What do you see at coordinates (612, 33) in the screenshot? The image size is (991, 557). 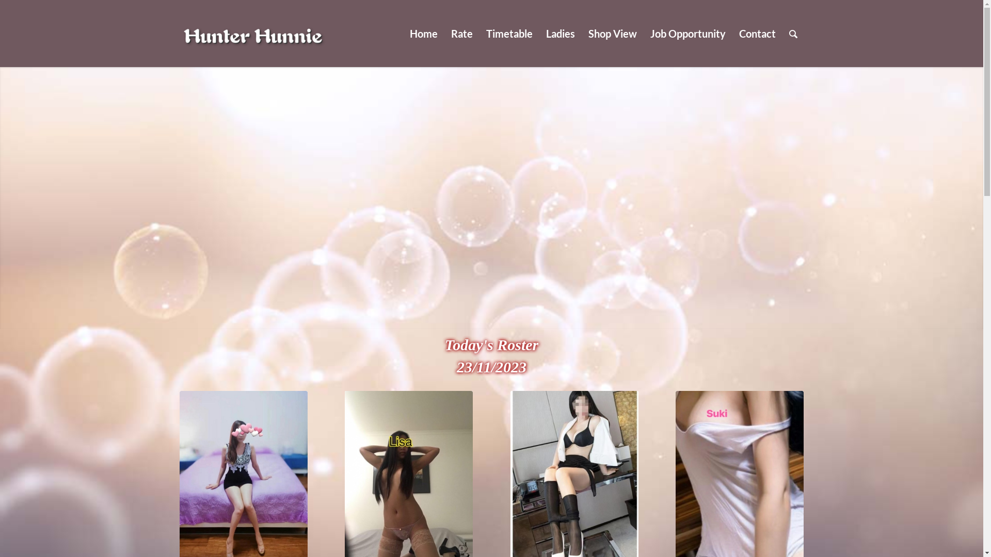 I see `'Shop View'` at bounding box center [612, 33].